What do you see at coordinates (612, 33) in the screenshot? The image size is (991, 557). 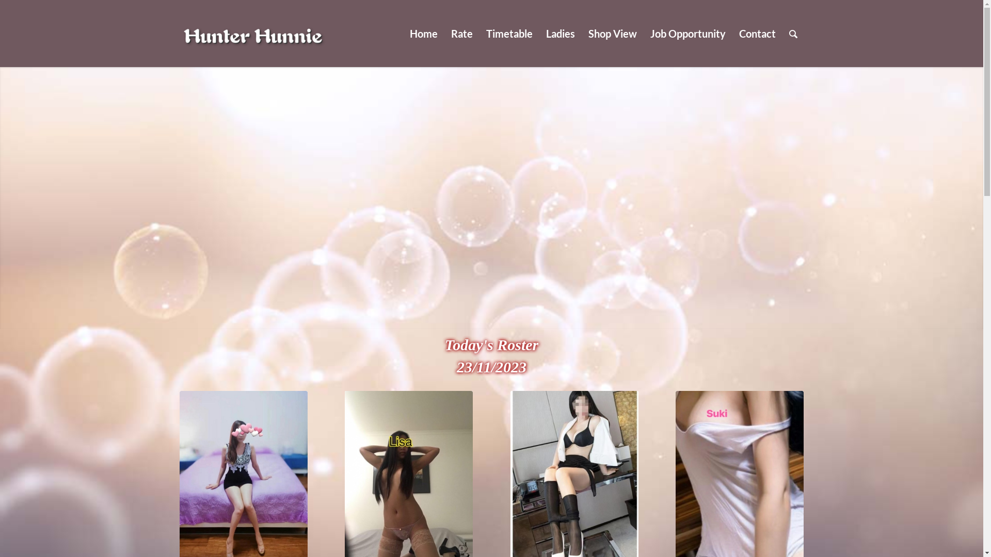 I see `'Shop View'` at bounding box center [612, 33].